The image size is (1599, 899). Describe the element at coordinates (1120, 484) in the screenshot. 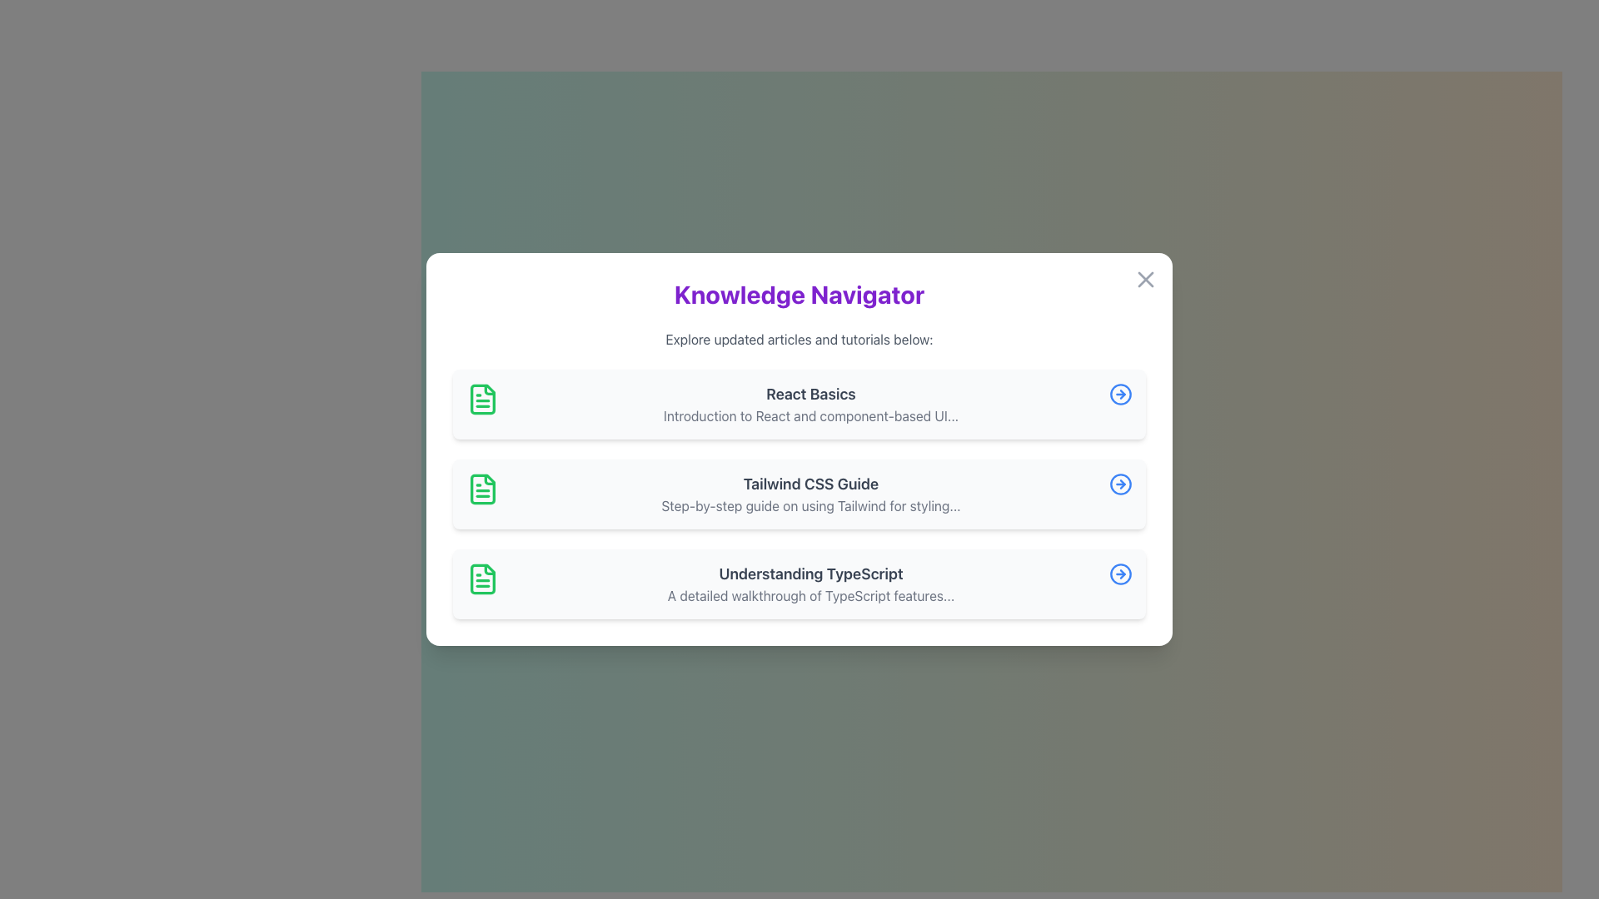

I see `the navigational icon for the 'Tailwind CSS Guide' to initiate a transition or detailed view of the content` at that location.